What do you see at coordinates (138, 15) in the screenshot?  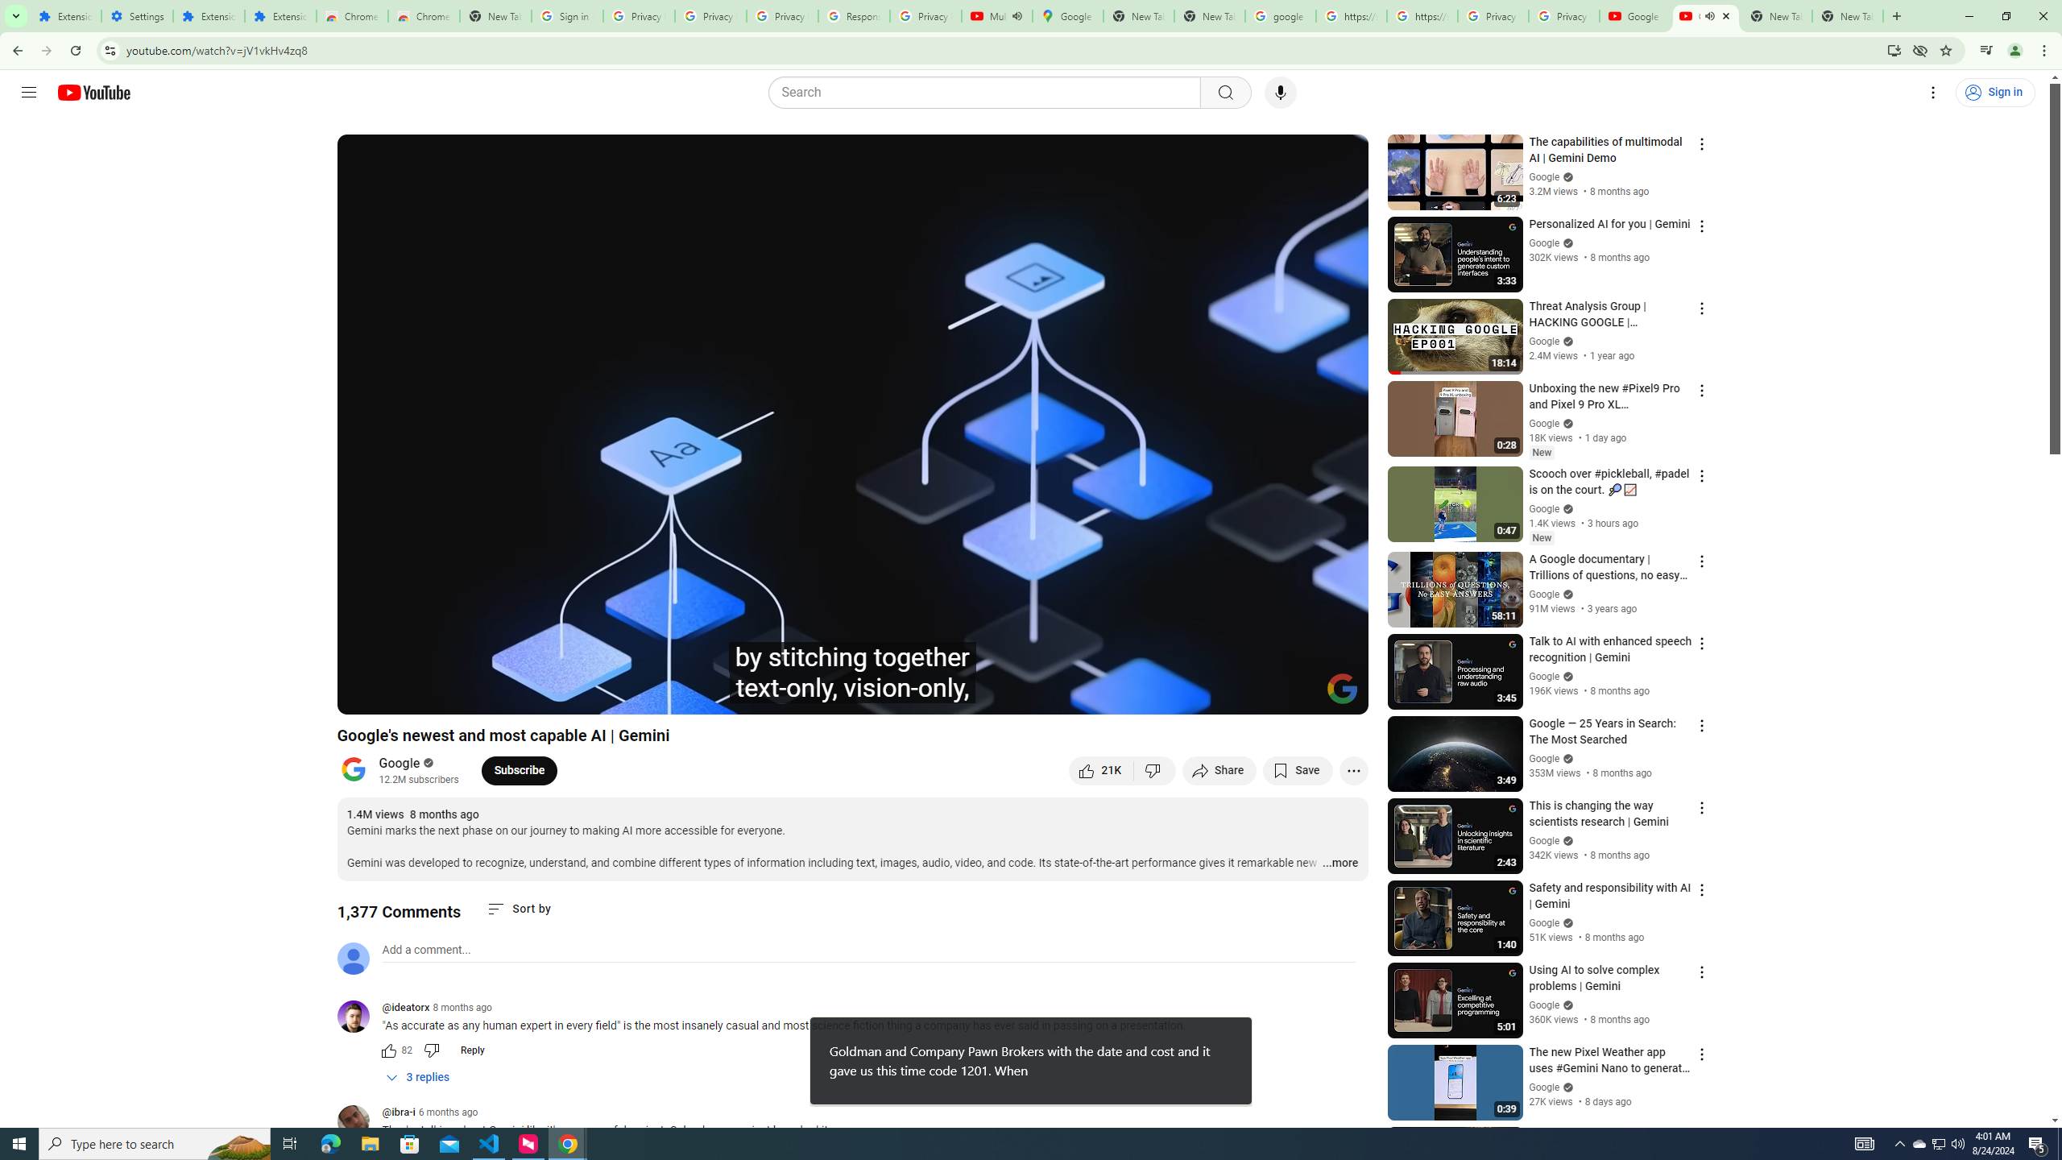 I see `'Settings'` at bounding box center [138, 15].